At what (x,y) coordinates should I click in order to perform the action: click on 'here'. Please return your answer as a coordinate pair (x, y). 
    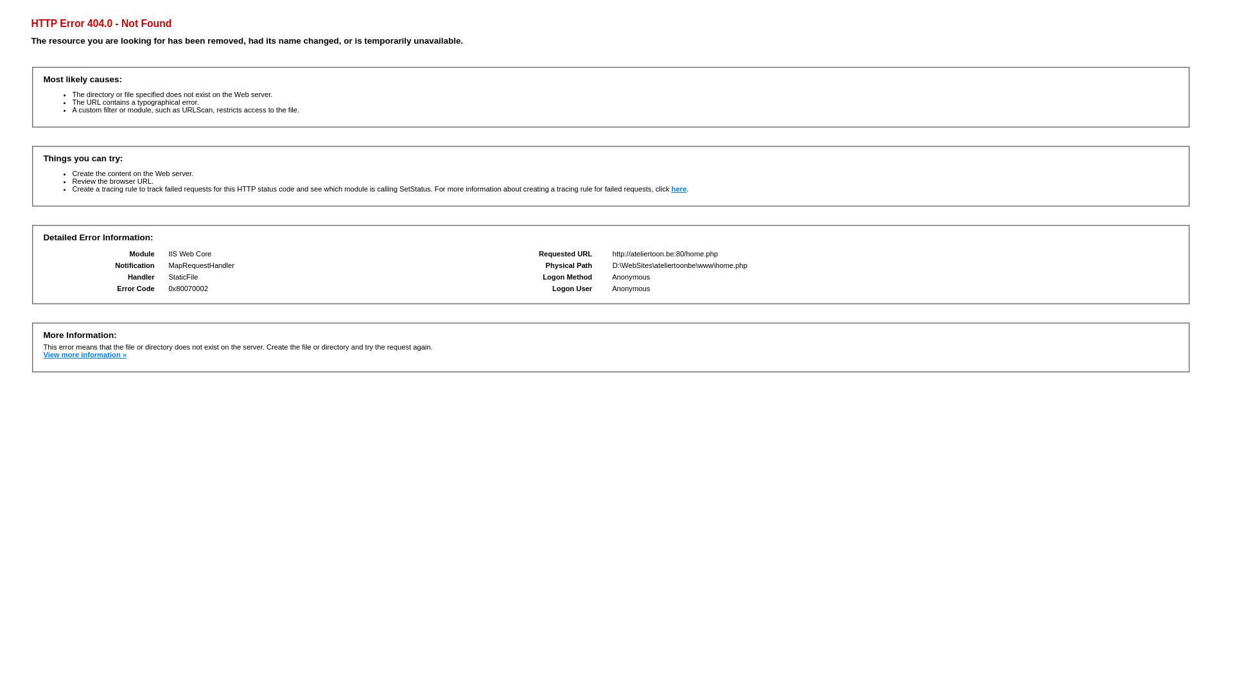
    Looking at the image, I should click on (678, 188).